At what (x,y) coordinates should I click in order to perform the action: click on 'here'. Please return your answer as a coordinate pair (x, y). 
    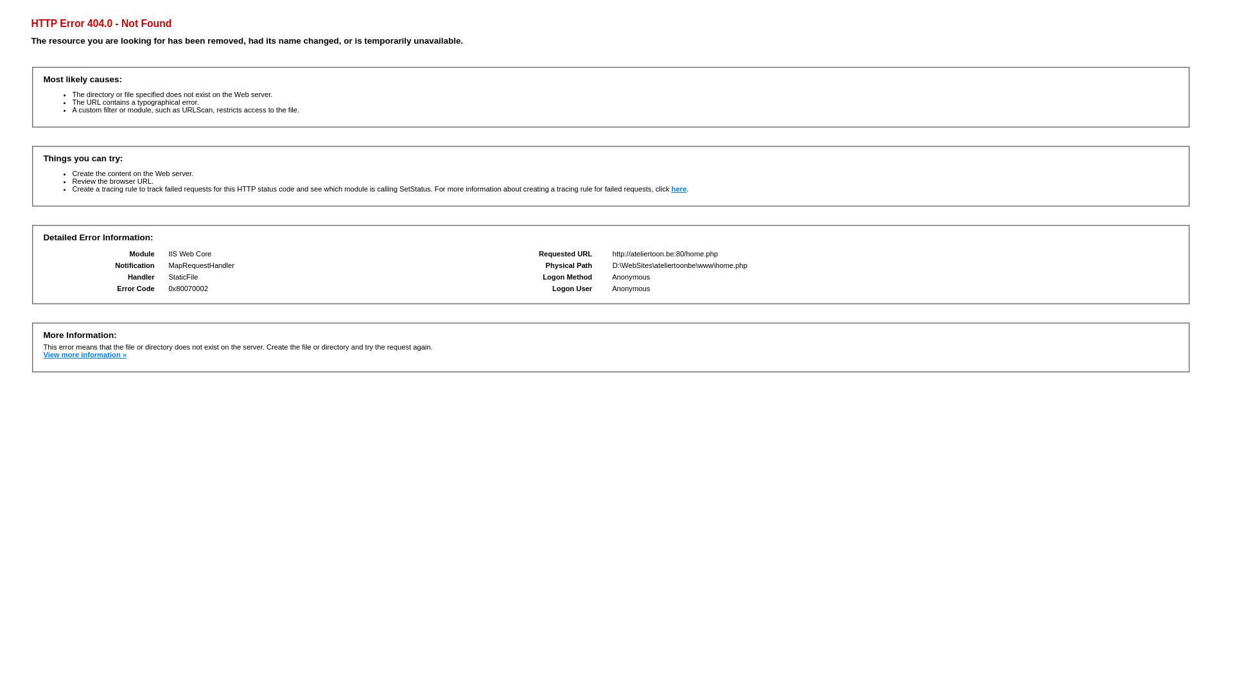
    Looking at the image, I should click on (678, 188).